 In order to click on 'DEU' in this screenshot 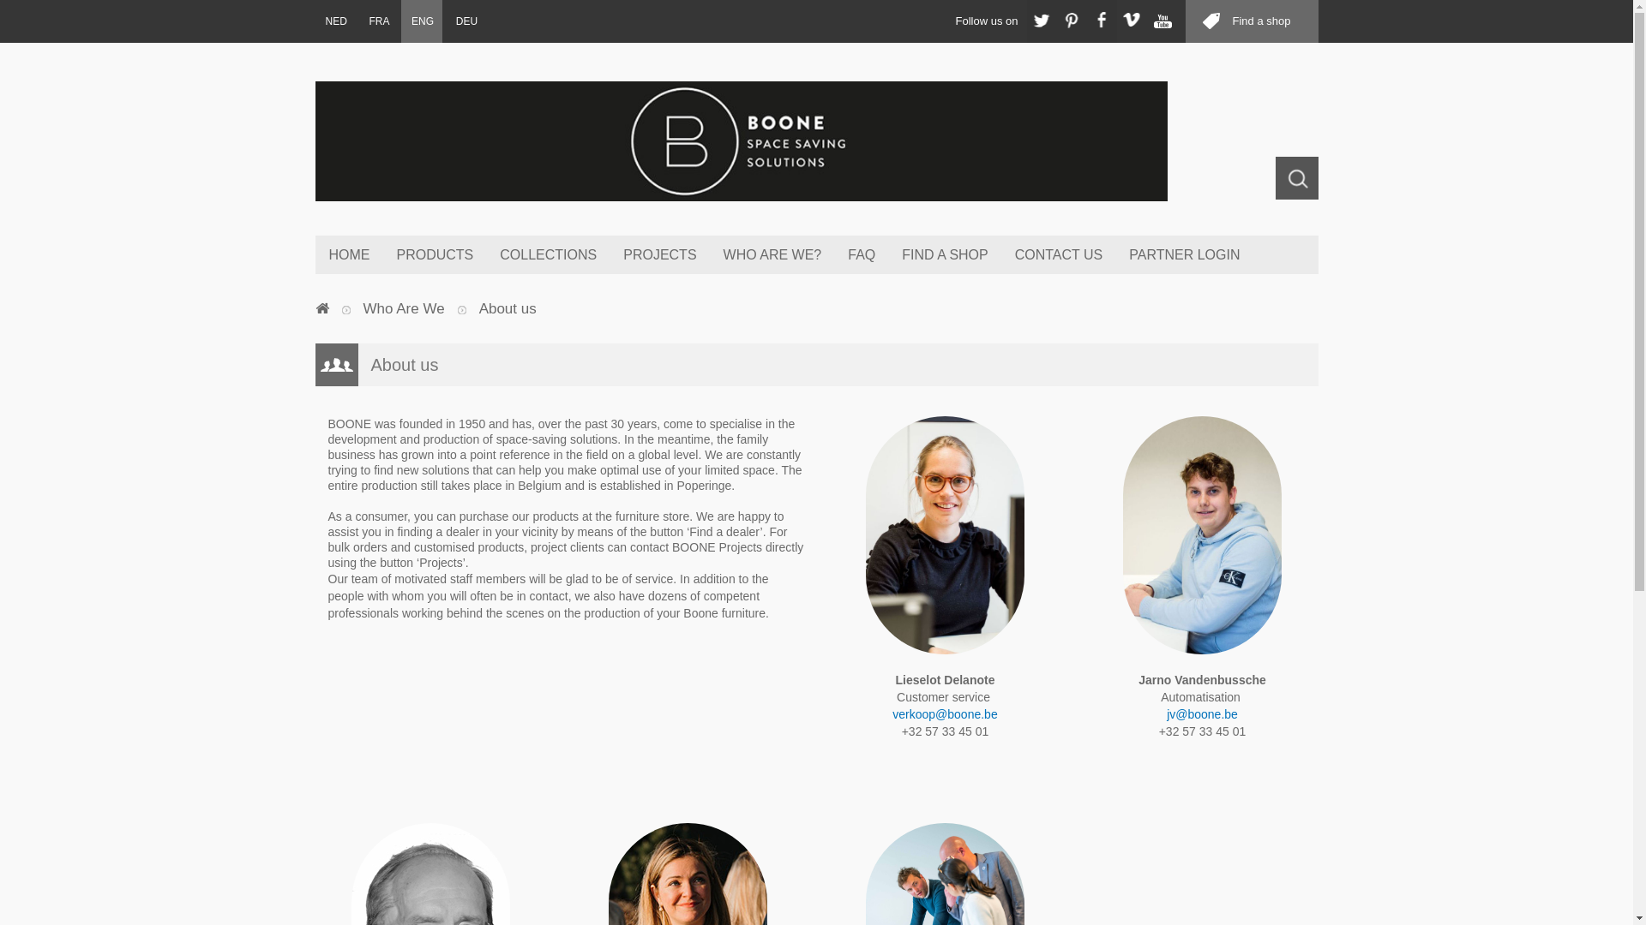, I will do `click(466, 21)`.